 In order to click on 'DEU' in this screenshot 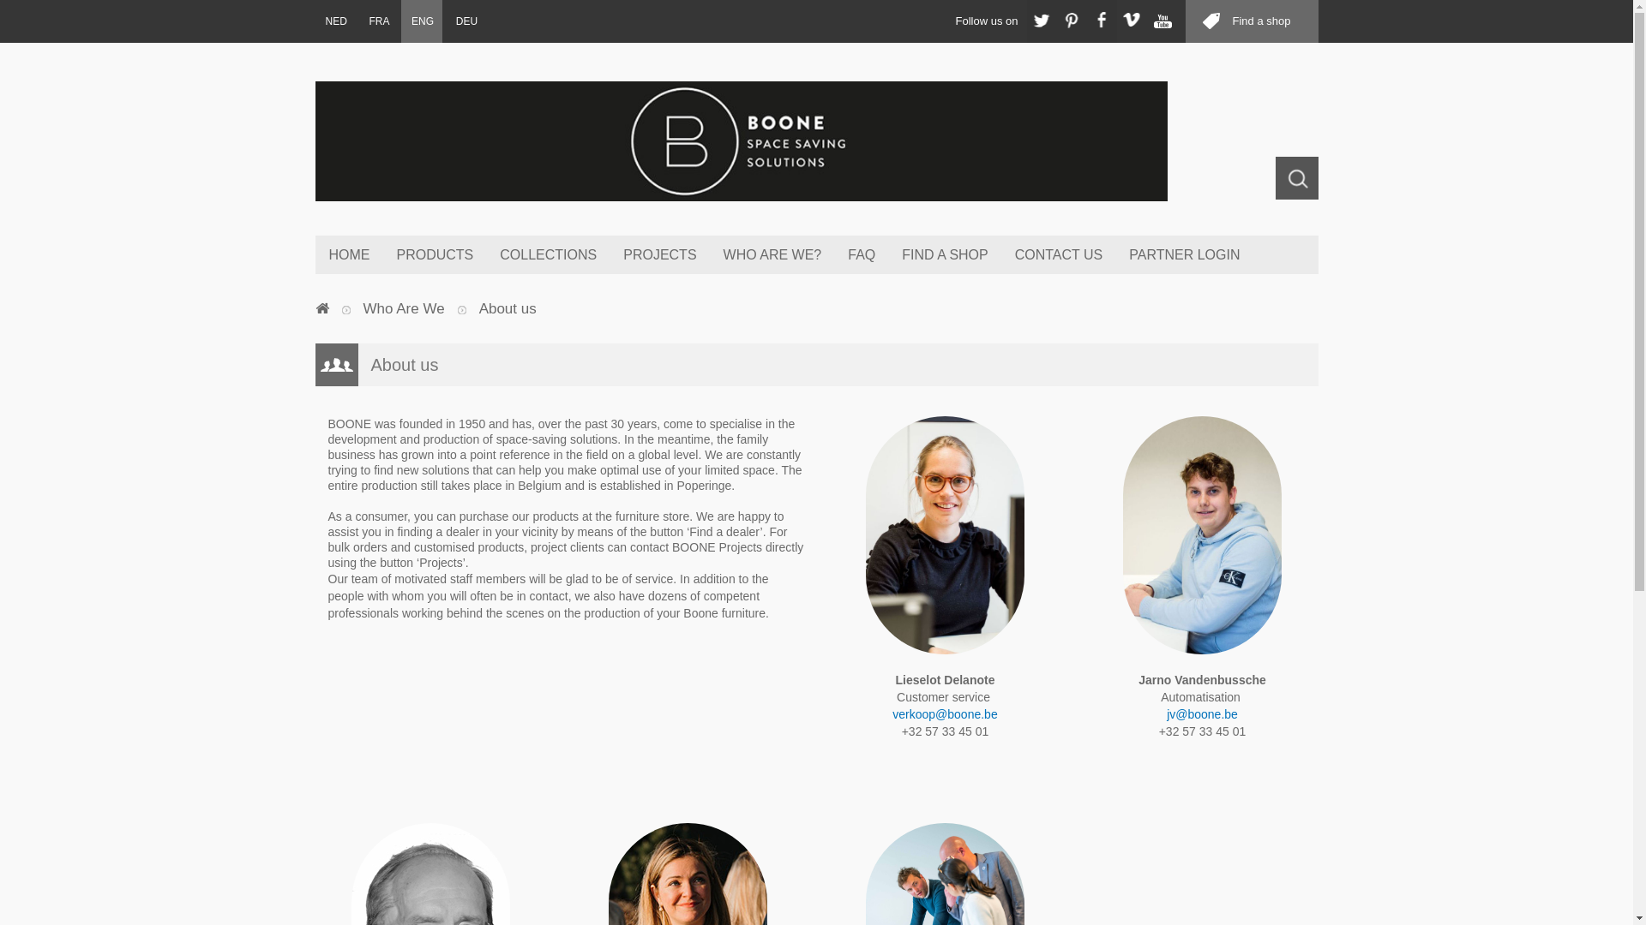, I will do `click(466, 21)`.